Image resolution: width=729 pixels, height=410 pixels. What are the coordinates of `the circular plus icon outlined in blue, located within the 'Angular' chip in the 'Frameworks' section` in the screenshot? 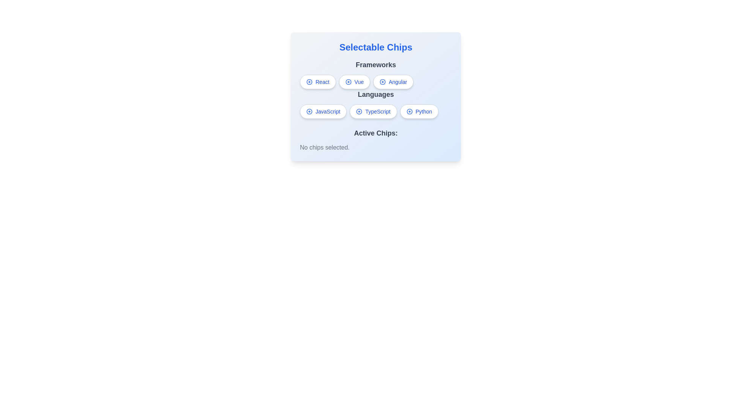 It's located at (383, 82).